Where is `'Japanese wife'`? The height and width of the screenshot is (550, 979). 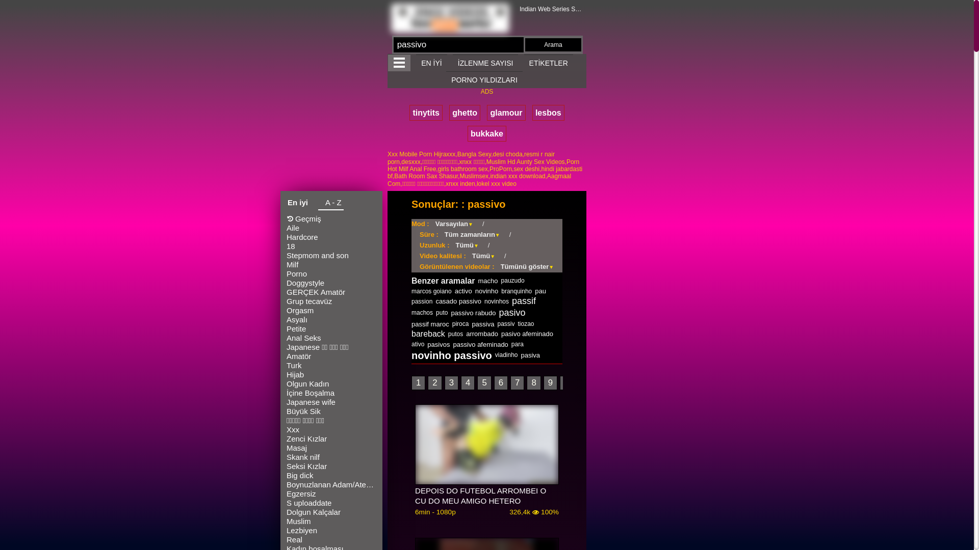 'Japanese wife' is located at coordinates (331, 402).